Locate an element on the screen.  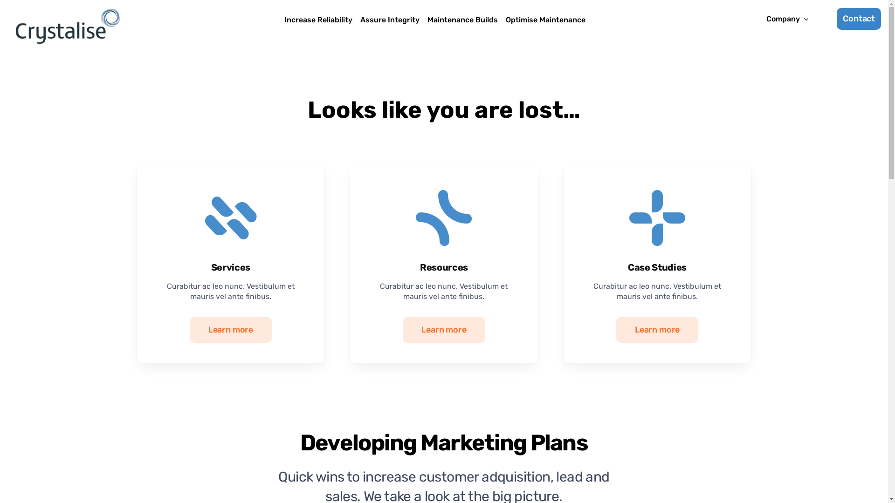
'Assure Integrity' is located at coordinates (357, 20).